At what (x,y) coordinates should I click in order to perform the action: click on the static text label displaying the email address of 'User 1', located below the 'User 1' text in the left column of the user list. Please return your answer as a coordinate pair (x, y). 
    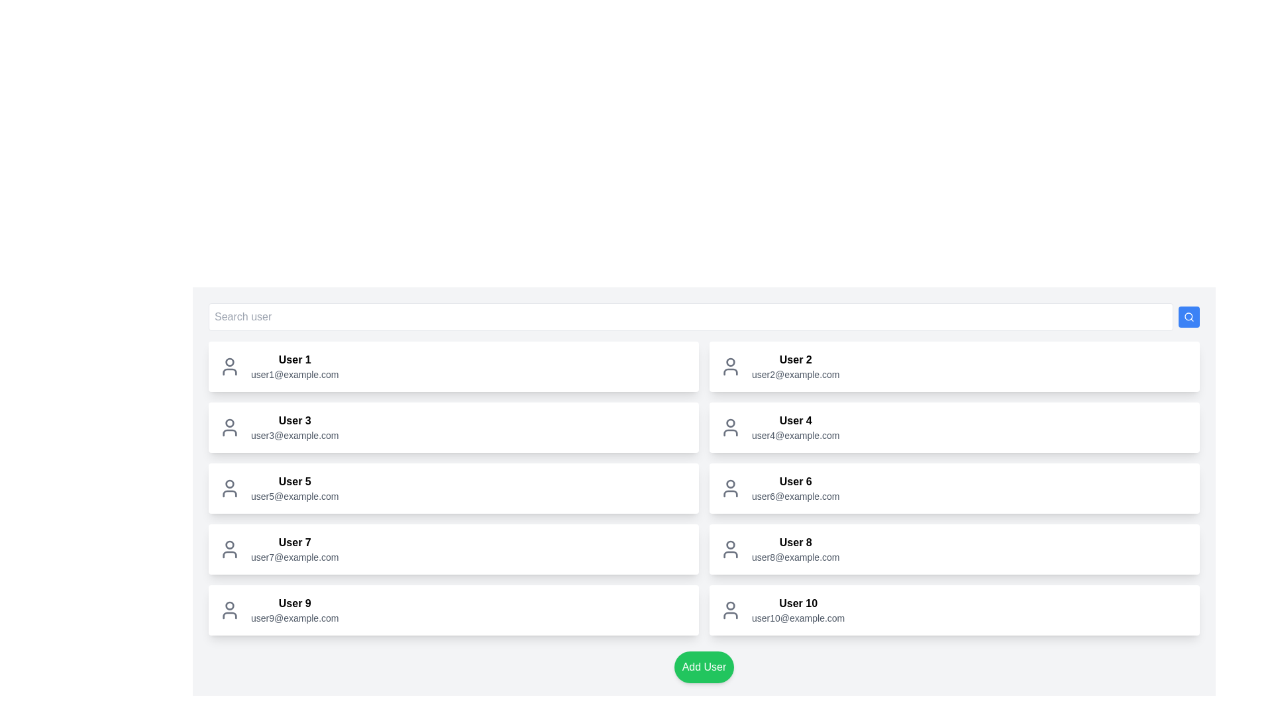
    Looking at the image, I should click on (294, 375).